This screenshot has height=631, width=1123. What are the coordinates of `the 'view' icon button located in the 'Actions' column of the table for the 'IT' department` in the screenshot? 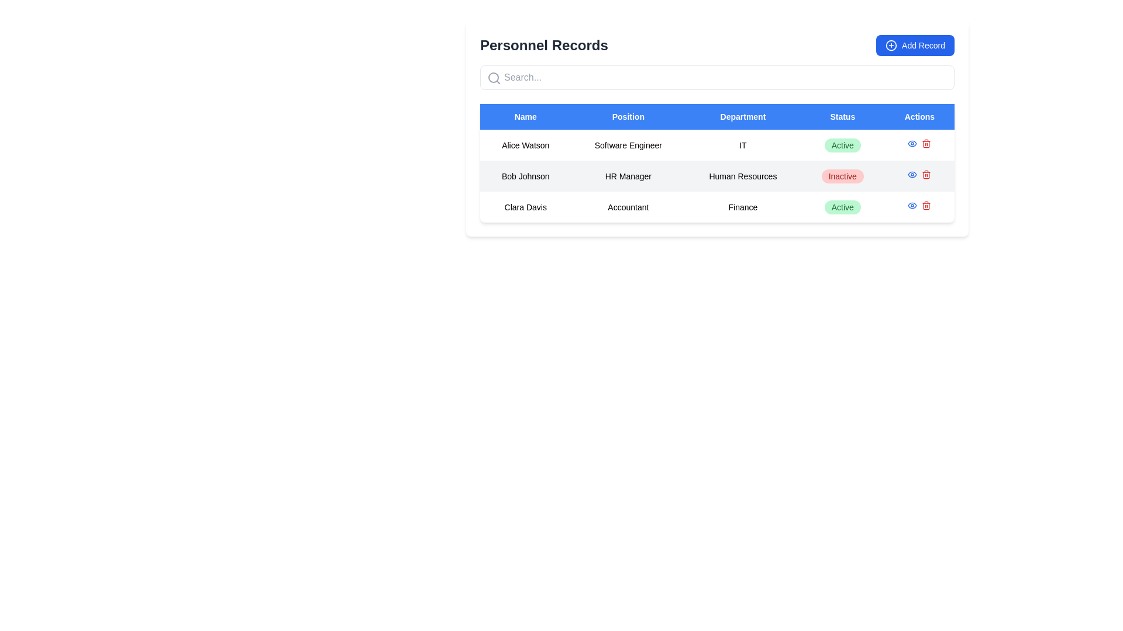 It's located at (912, 143).